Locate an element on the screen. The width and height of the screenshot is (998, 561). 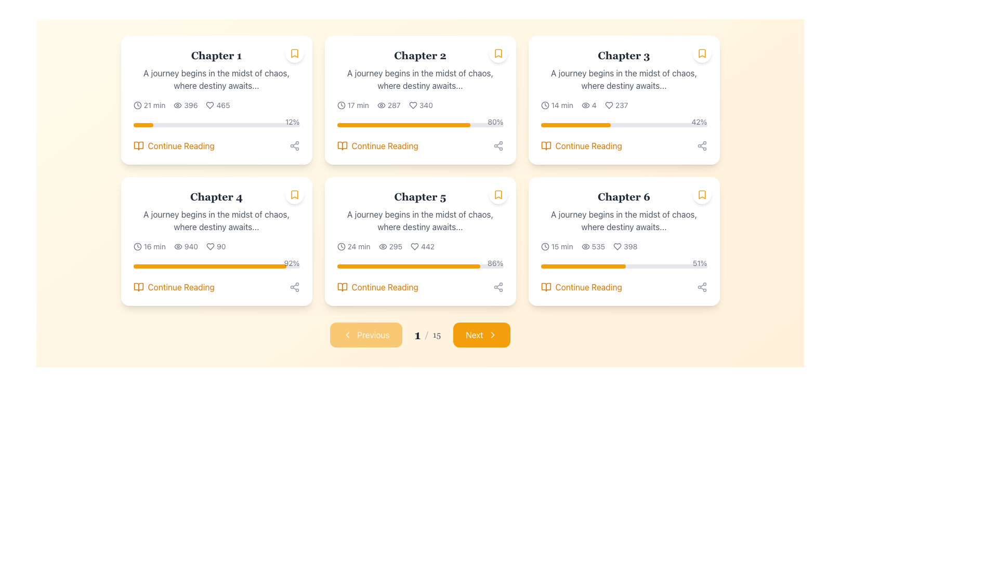
the static text label that communicates the estimated reading time for a chapter, located in the first card of a grid layout is located at coordinates (154, 105).